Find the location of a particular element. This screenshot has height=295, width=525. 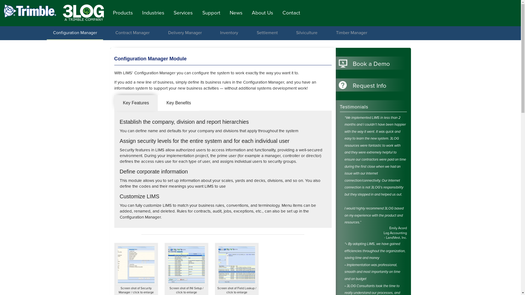

'Support' is located at coordinates (211, 13).